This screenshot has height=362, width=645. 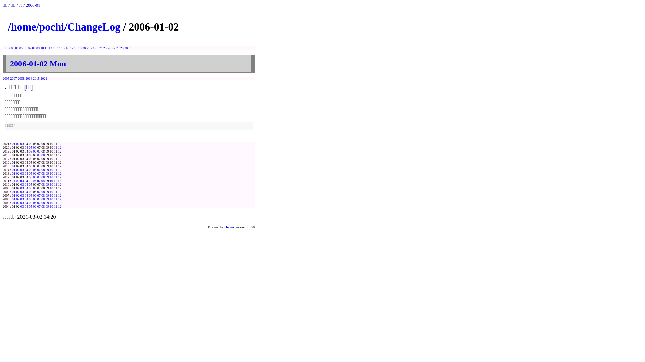 What do you see at coordinates (25, 48) in the screenshot?
I see `'06'` at bounding box center [25, 48].